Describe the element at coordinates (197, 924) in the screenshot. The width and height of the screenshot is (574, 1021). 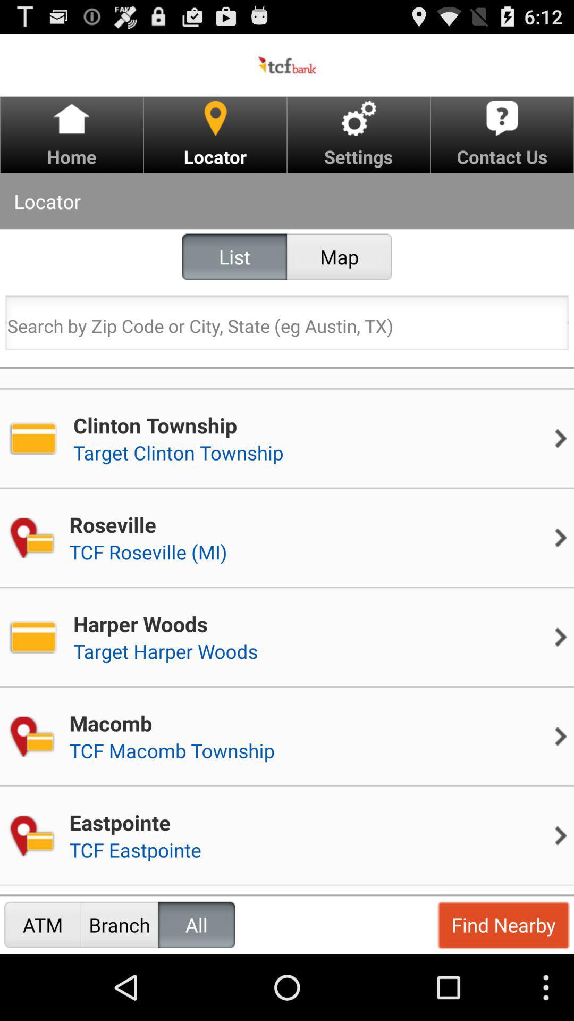
I see `the item next to the branch icon` at that location.